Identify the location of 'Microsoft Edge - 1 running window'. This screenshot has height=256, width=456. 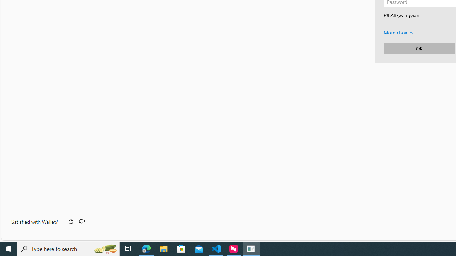
(146, 248).